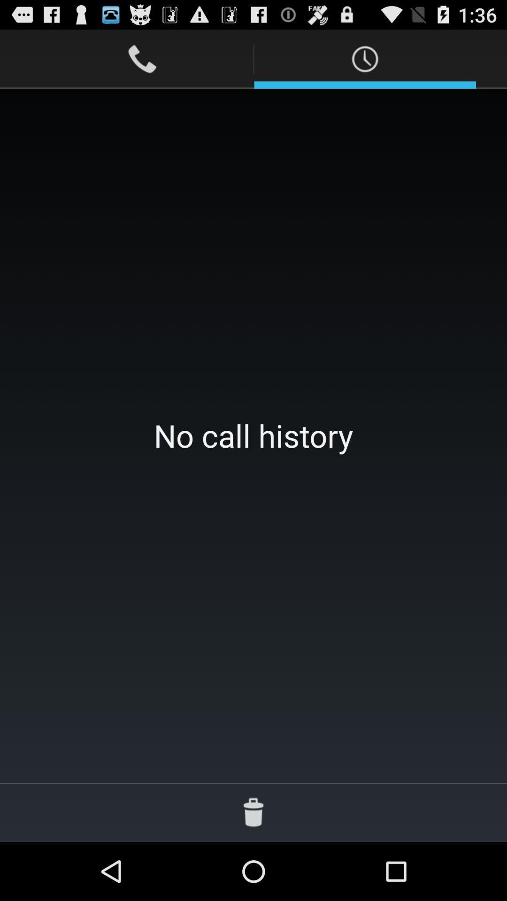 The width and height of the screenshot is (507, 901). I want to click on the icon at the bottom, so click(253, 812).